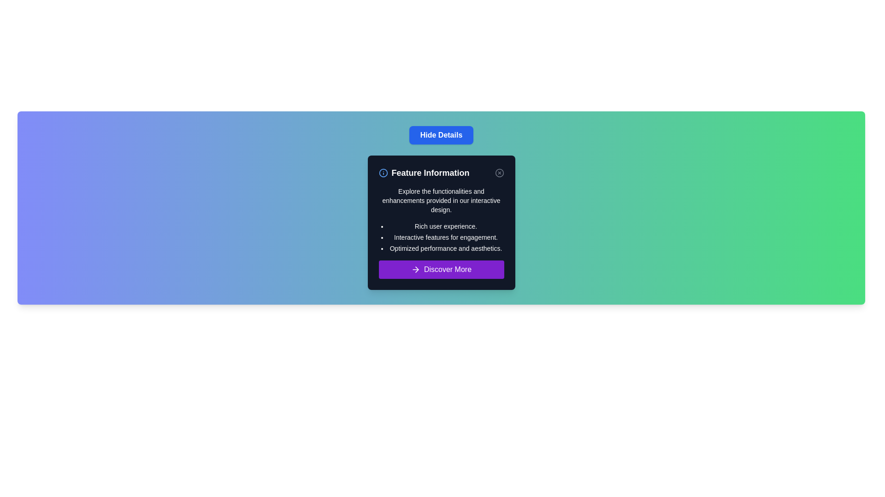  What do you see at coordinates (499, 173) in the screenshot?
I see `the Indicator (Non-functional circle) element, which is a filled circle inside an outlined circular shape, located in the top-right segment of the 'Feature Information' card` at bounding box center [499, 173].